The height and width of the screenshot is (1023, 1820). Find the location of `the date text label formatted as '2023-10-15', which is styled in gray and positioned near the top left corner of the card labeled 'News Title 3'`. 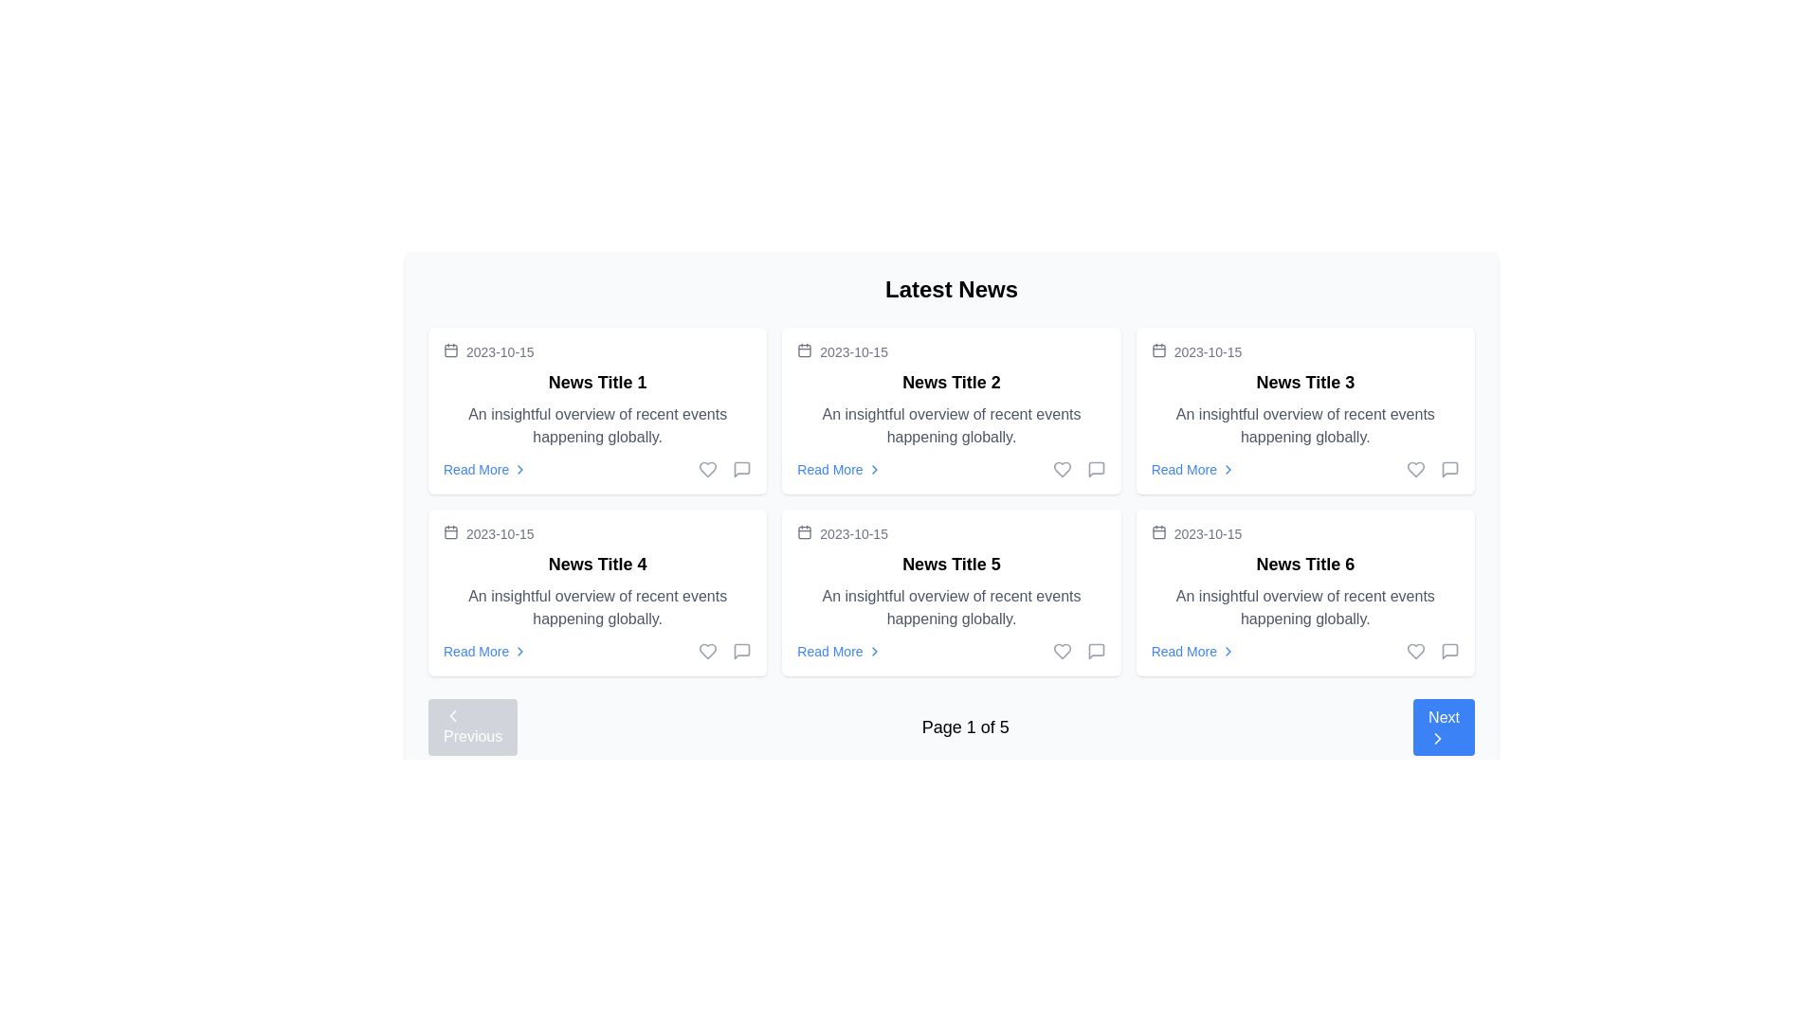

the date text label formatted as '2023-10-15', which is styled in gray and positioned near the top left corner of the card labeled 'News Title 3' is located at coordinates (1207, 351).